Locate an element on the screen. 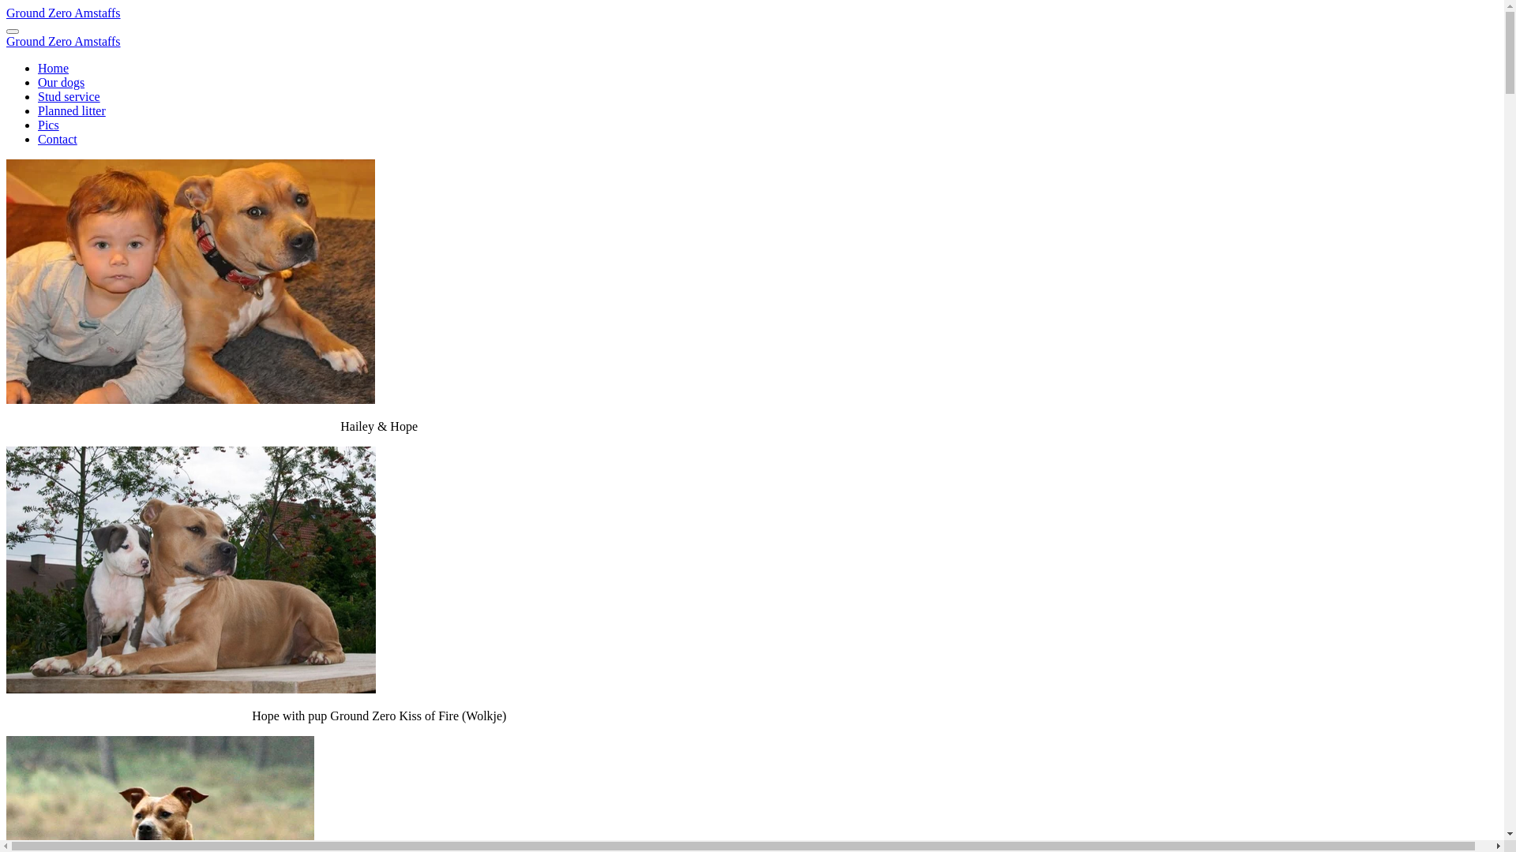 The height and width of the screenshot is (852, 1516). 'Ground Zero Amstaffs' is located at coordinates (6, 40).